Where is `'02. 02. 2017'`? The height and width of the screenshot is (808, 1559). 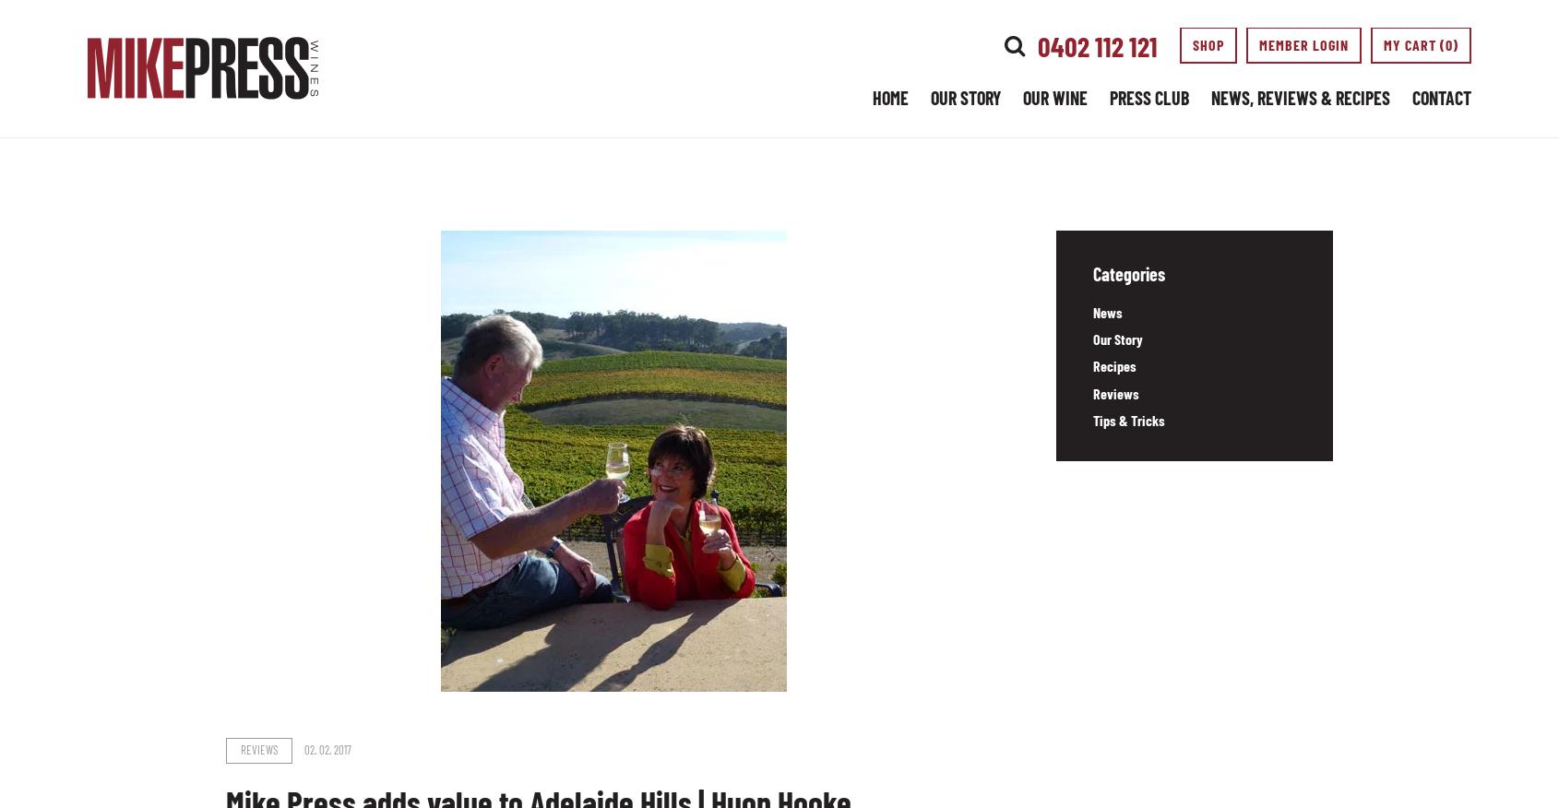
'02. 02. 2017' is located at coordinates (327, 749).